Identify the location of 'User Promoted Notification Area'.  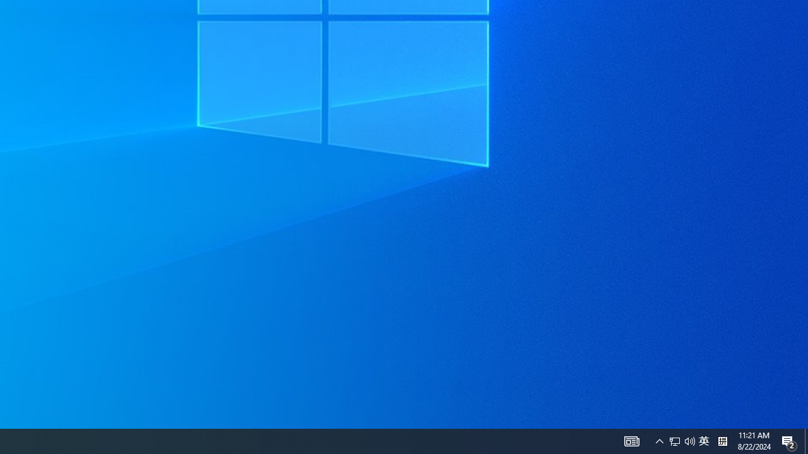
(681, 440).